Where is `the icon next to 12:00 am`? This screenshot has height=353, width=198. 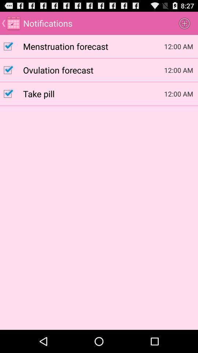
the icon next to 12:00 am is located at coordinates (93, 93).